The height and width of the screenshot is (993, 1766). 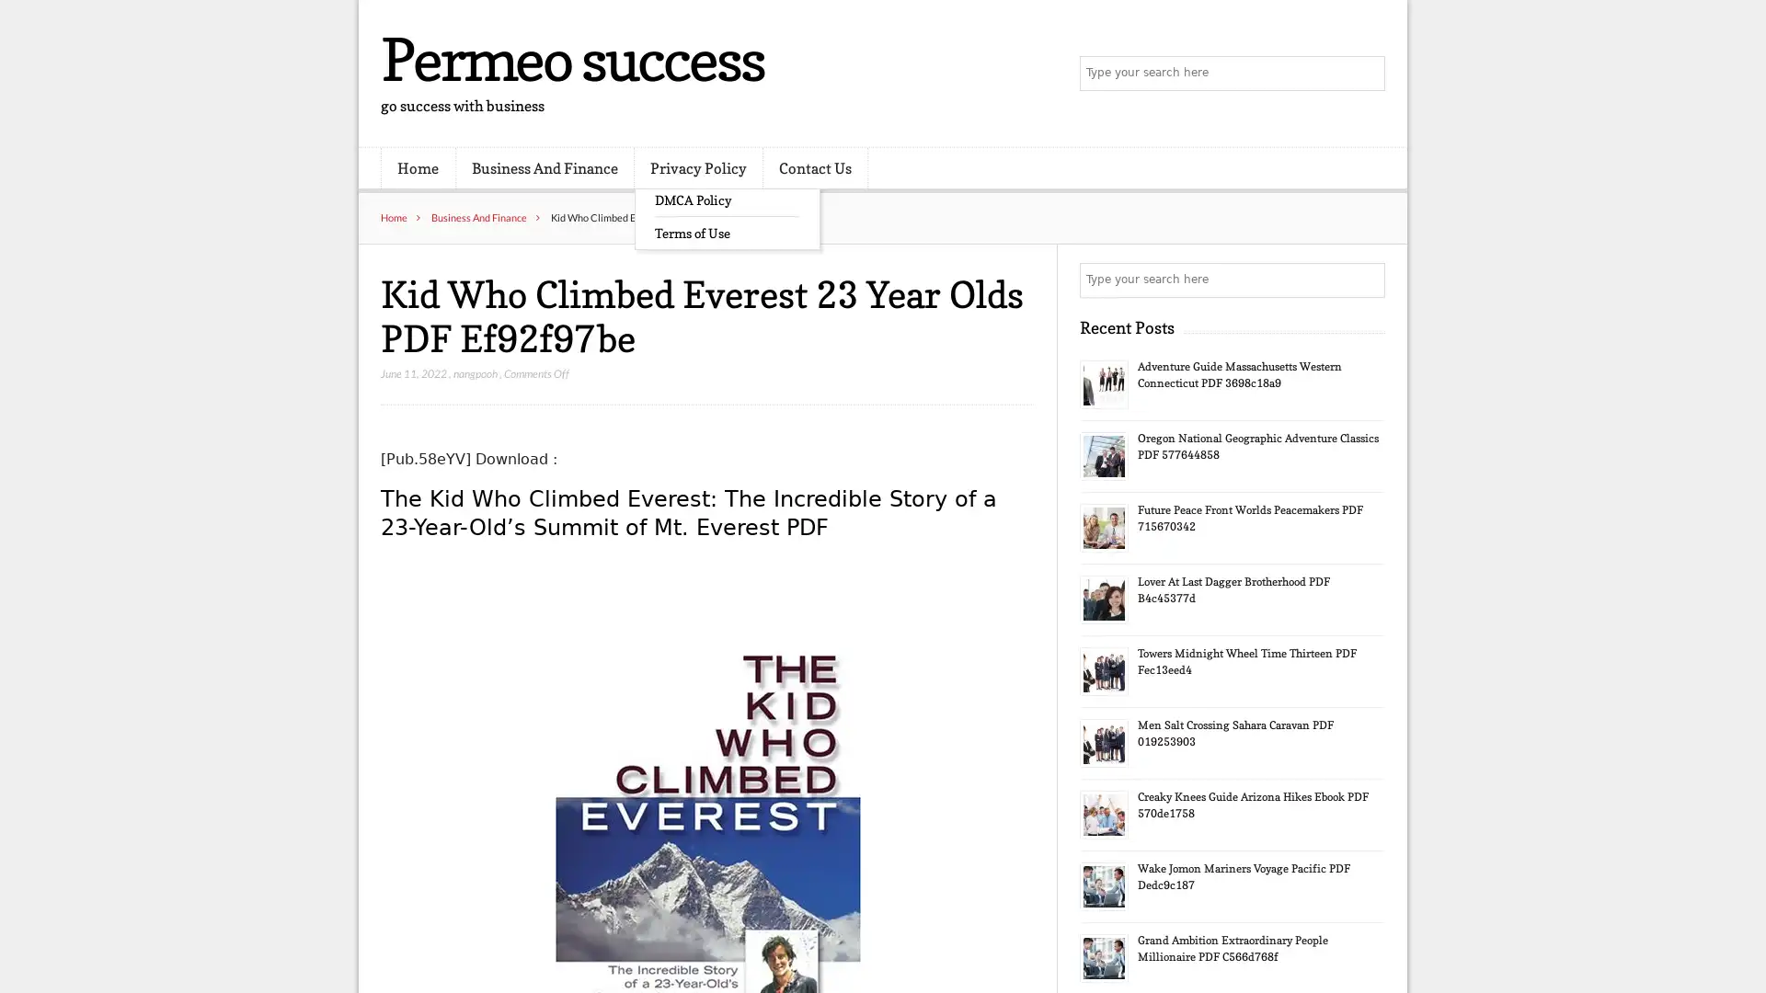 I want to click on Search, so click(x=1366, y=280).